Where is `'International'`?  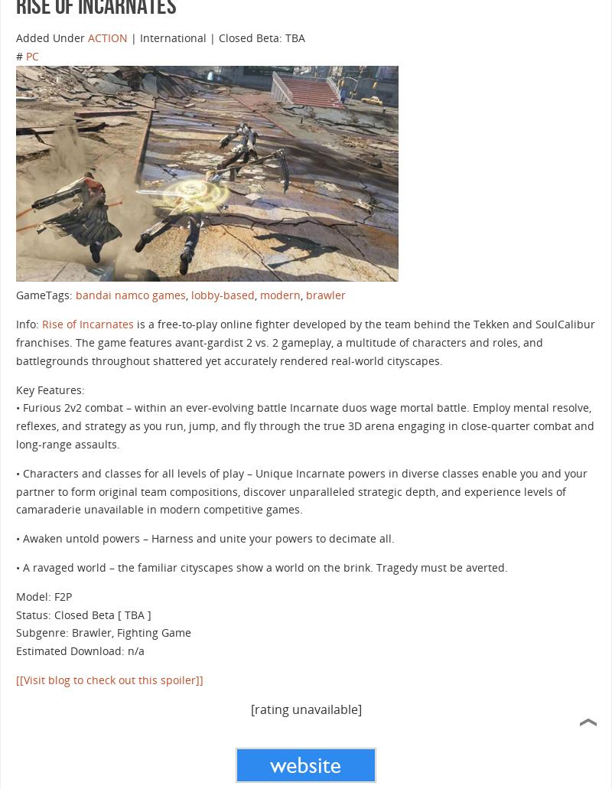 'International' is located at coordinates (173, 37).